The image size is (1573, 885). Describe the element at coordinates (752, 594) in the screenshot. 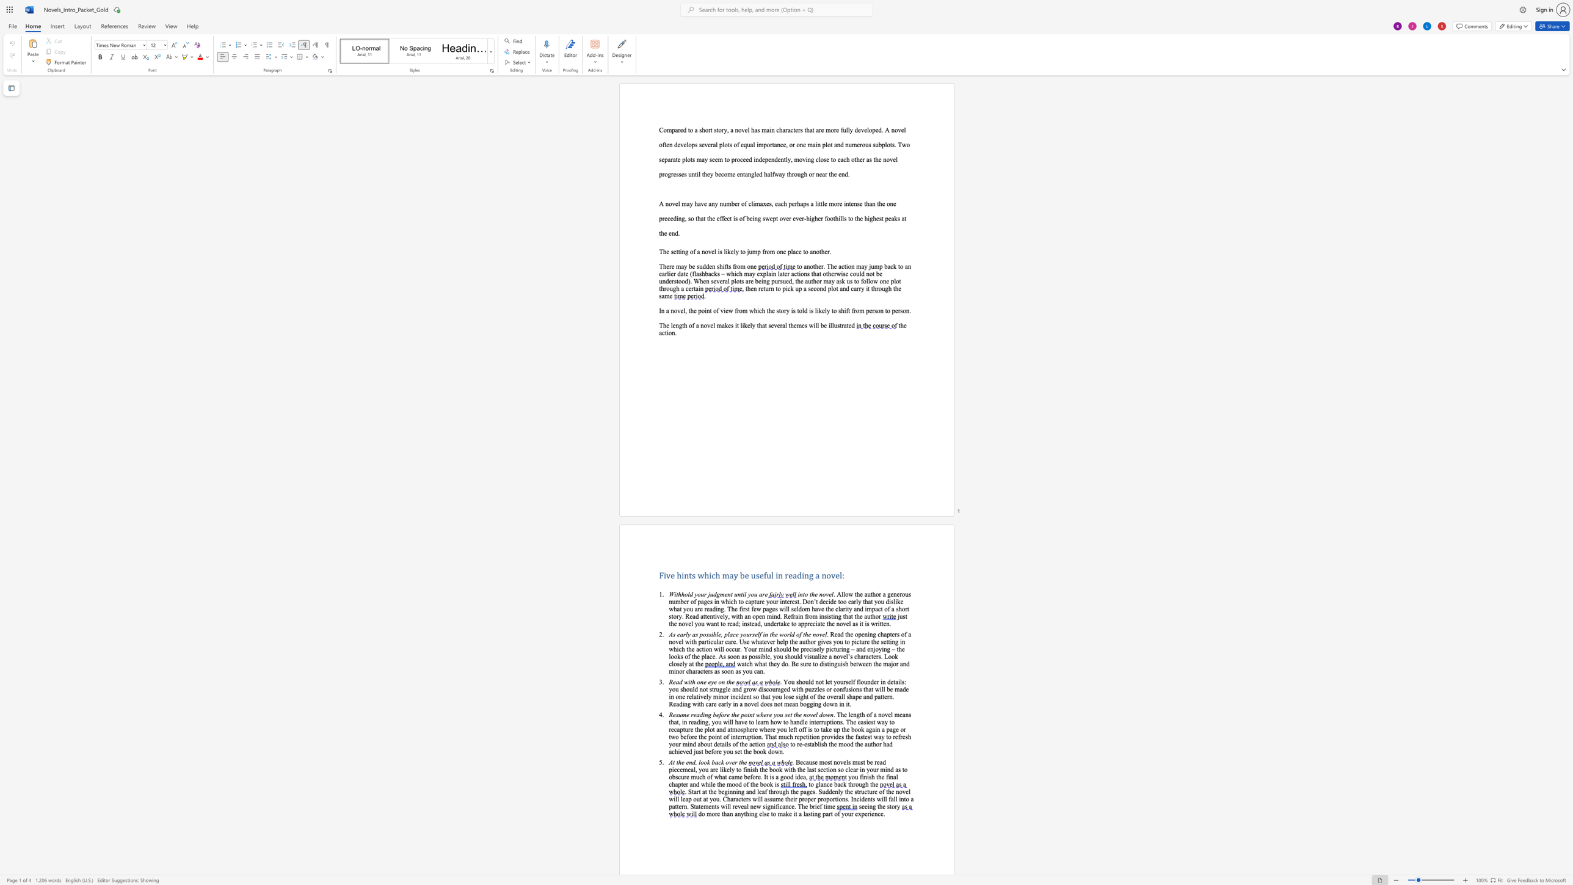

I see `the 3th character "o" in the text` at that location.